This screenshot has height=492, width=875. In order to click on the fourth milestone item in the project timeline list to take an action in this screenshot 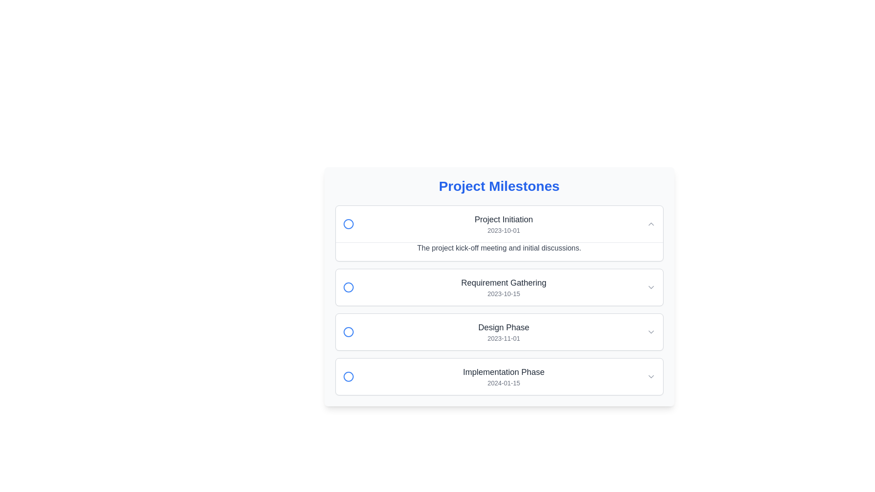, I will do `click(499, 376)`.